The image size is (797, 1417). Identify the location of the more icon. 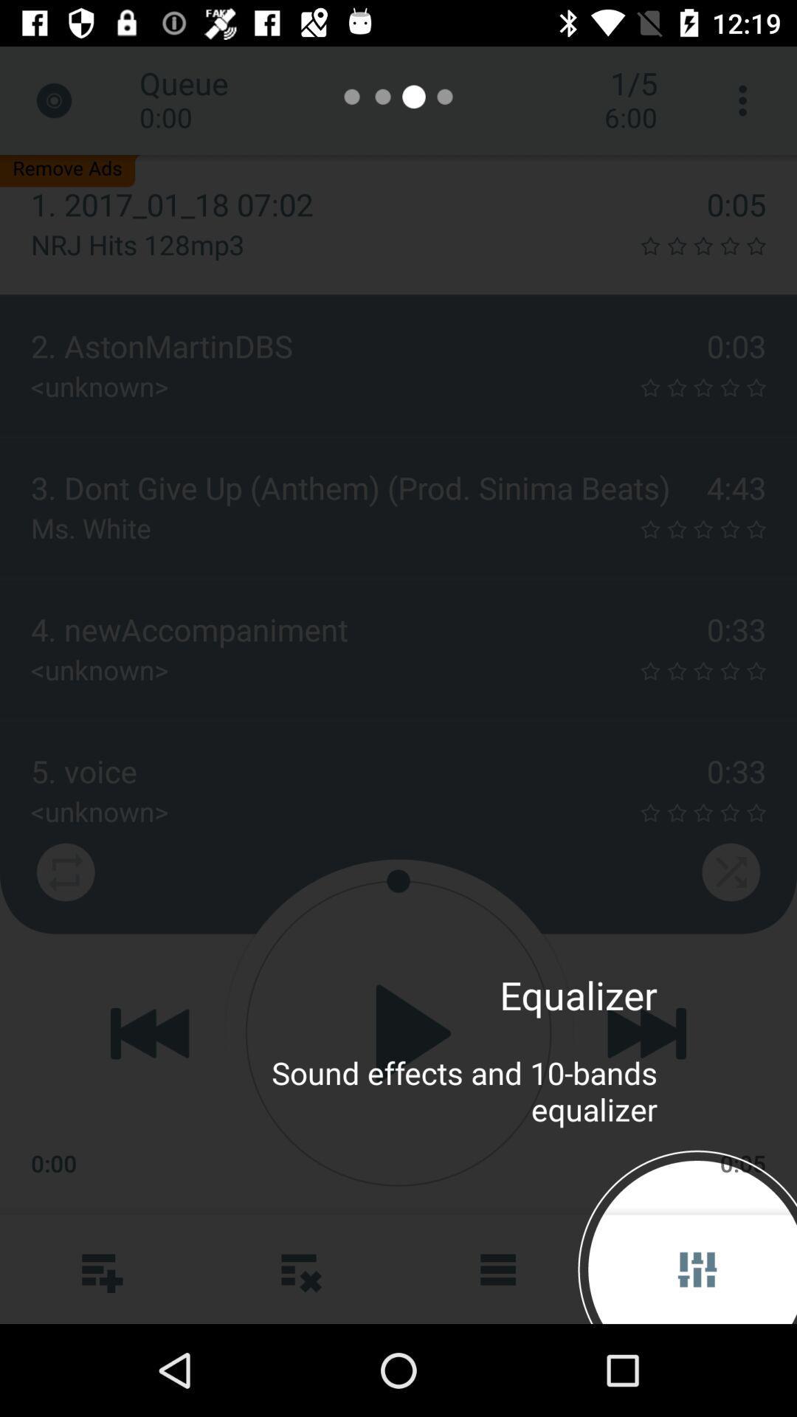
(299, 1269).